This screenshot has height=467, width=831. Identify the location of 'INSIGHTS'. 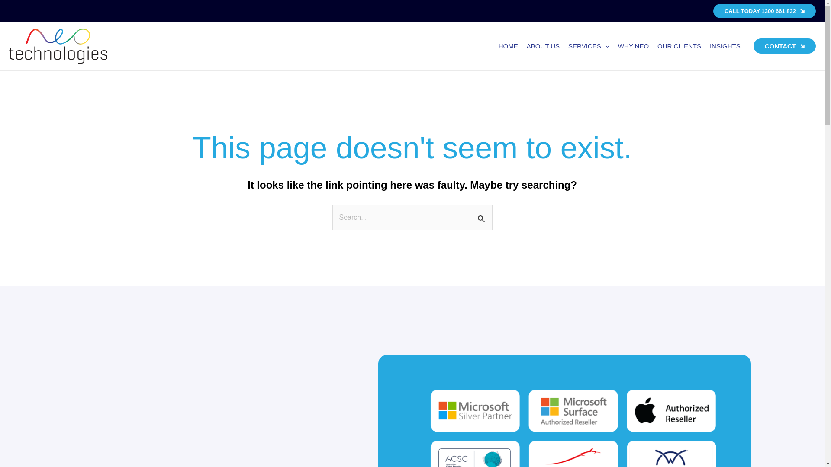
(725, 46).